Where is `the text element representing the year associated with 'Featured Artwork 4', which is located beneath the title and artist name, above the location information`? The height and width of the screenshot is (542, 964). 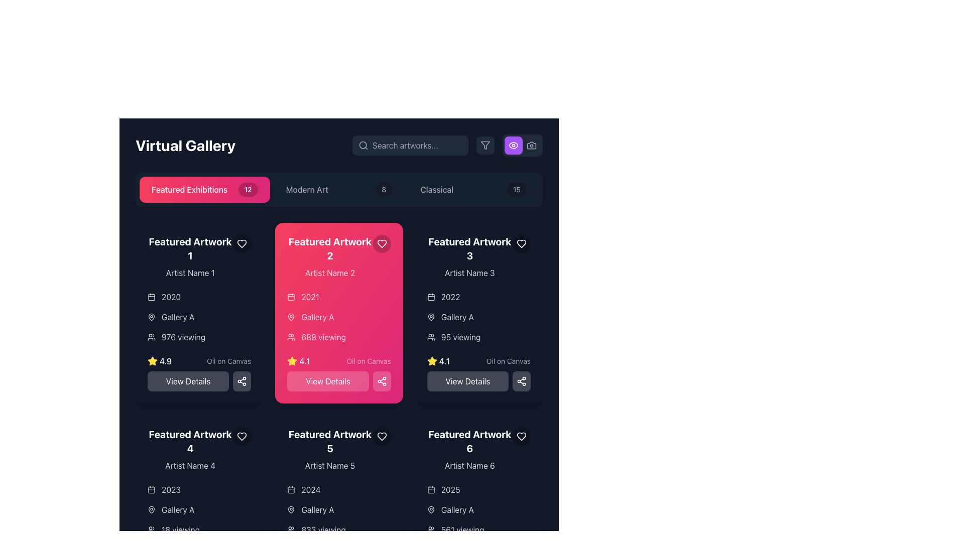 the text element representing the year associated with 'Featured Artwork 4', which is located beneath the title and artist name, above the location information is located at coordinates (199, 489).